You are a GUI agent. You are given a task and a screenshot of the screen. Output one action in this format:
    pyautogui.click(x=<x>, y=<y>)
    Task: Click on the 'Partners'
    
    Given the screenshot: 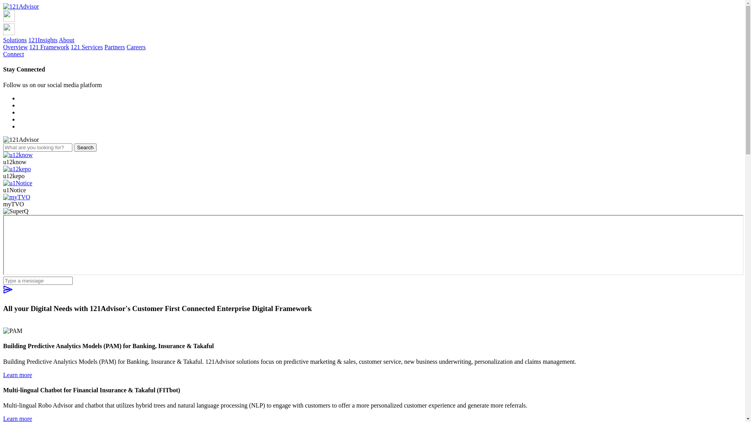 What is the action you would take?
    pyautogui.click(x=114, y=47)
    